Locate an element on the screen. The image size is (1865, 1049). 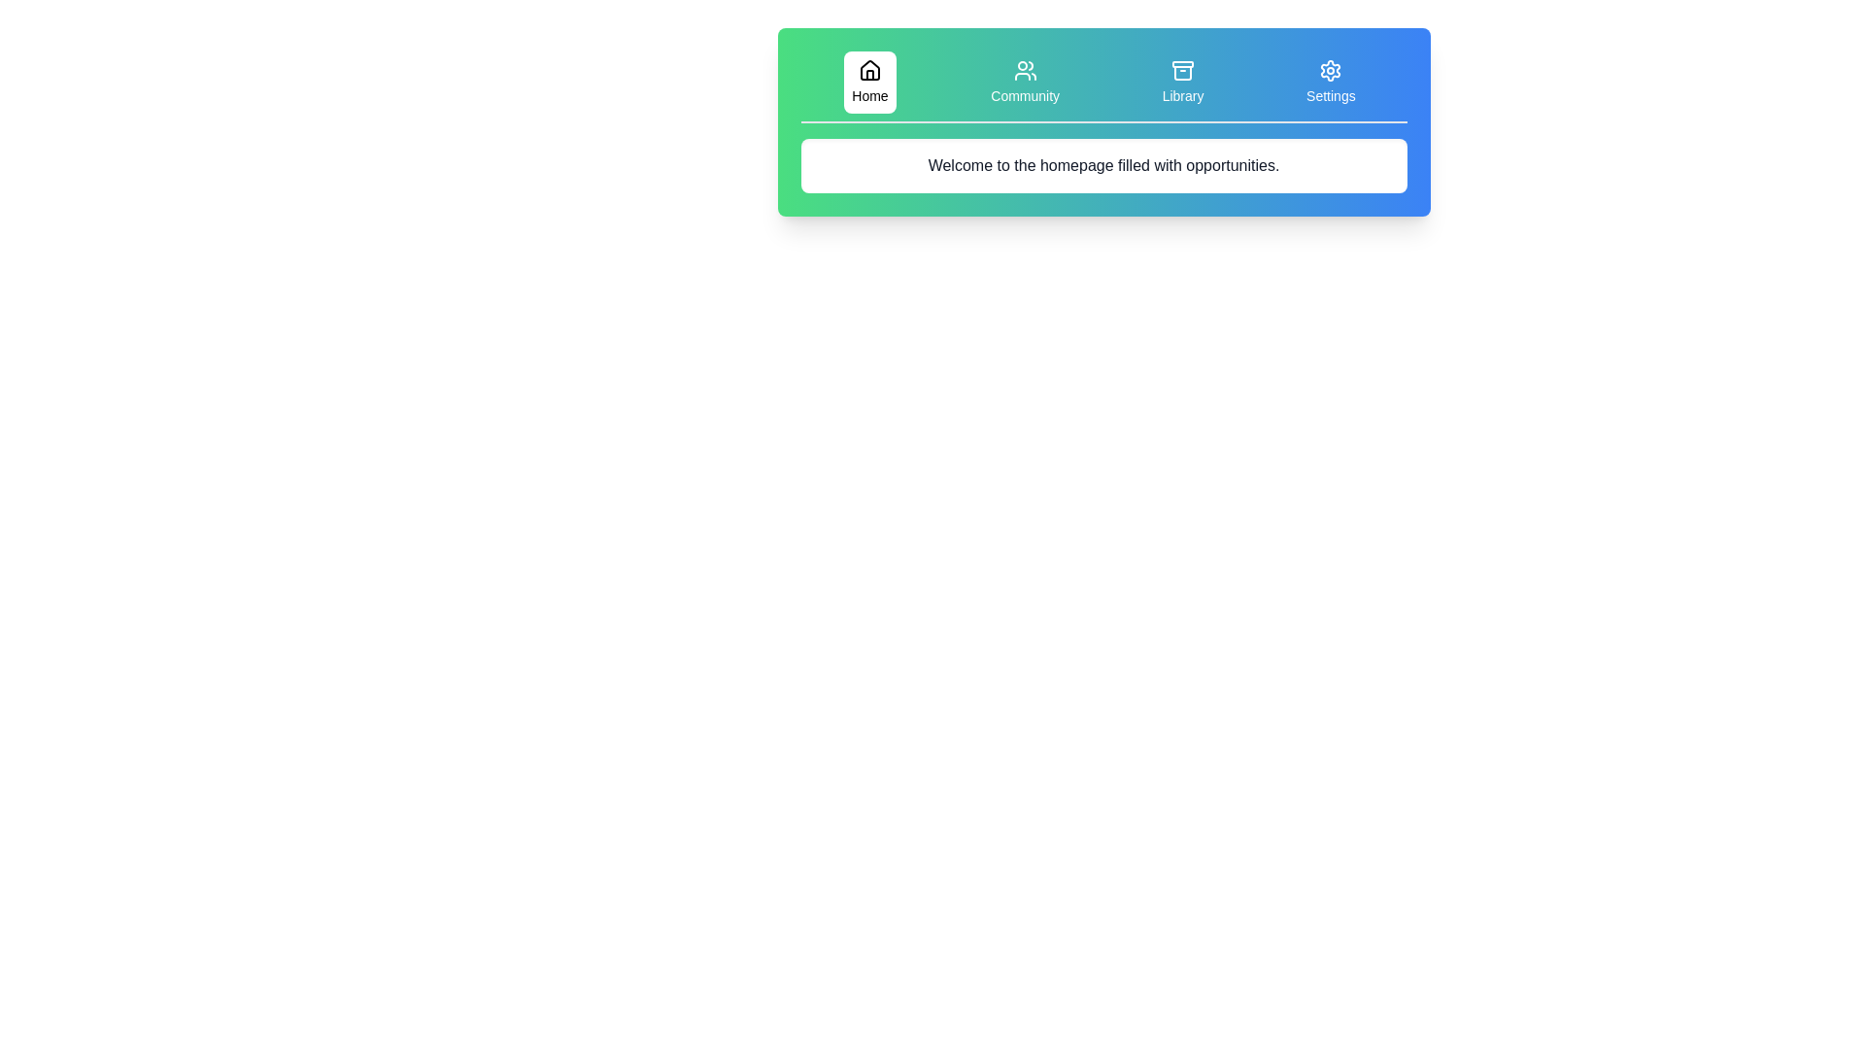
the tab labeled Library to observe its hover effect is located at coordinates (1182, 81).